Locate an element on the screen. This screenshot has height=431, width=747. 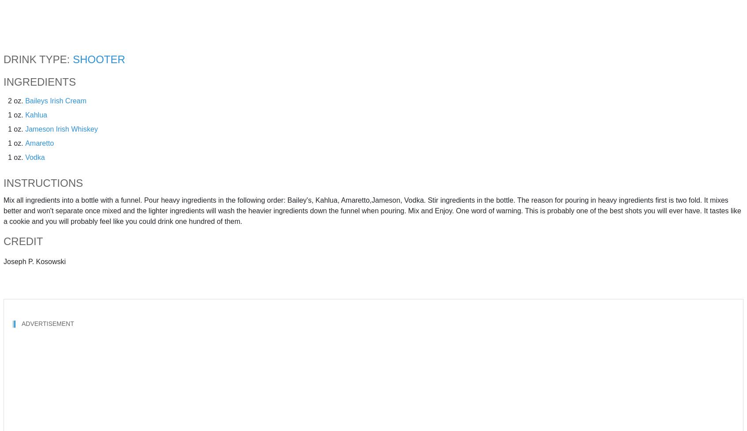
'Jameson Irish Whiskey' is located at coordinates (25, 129).